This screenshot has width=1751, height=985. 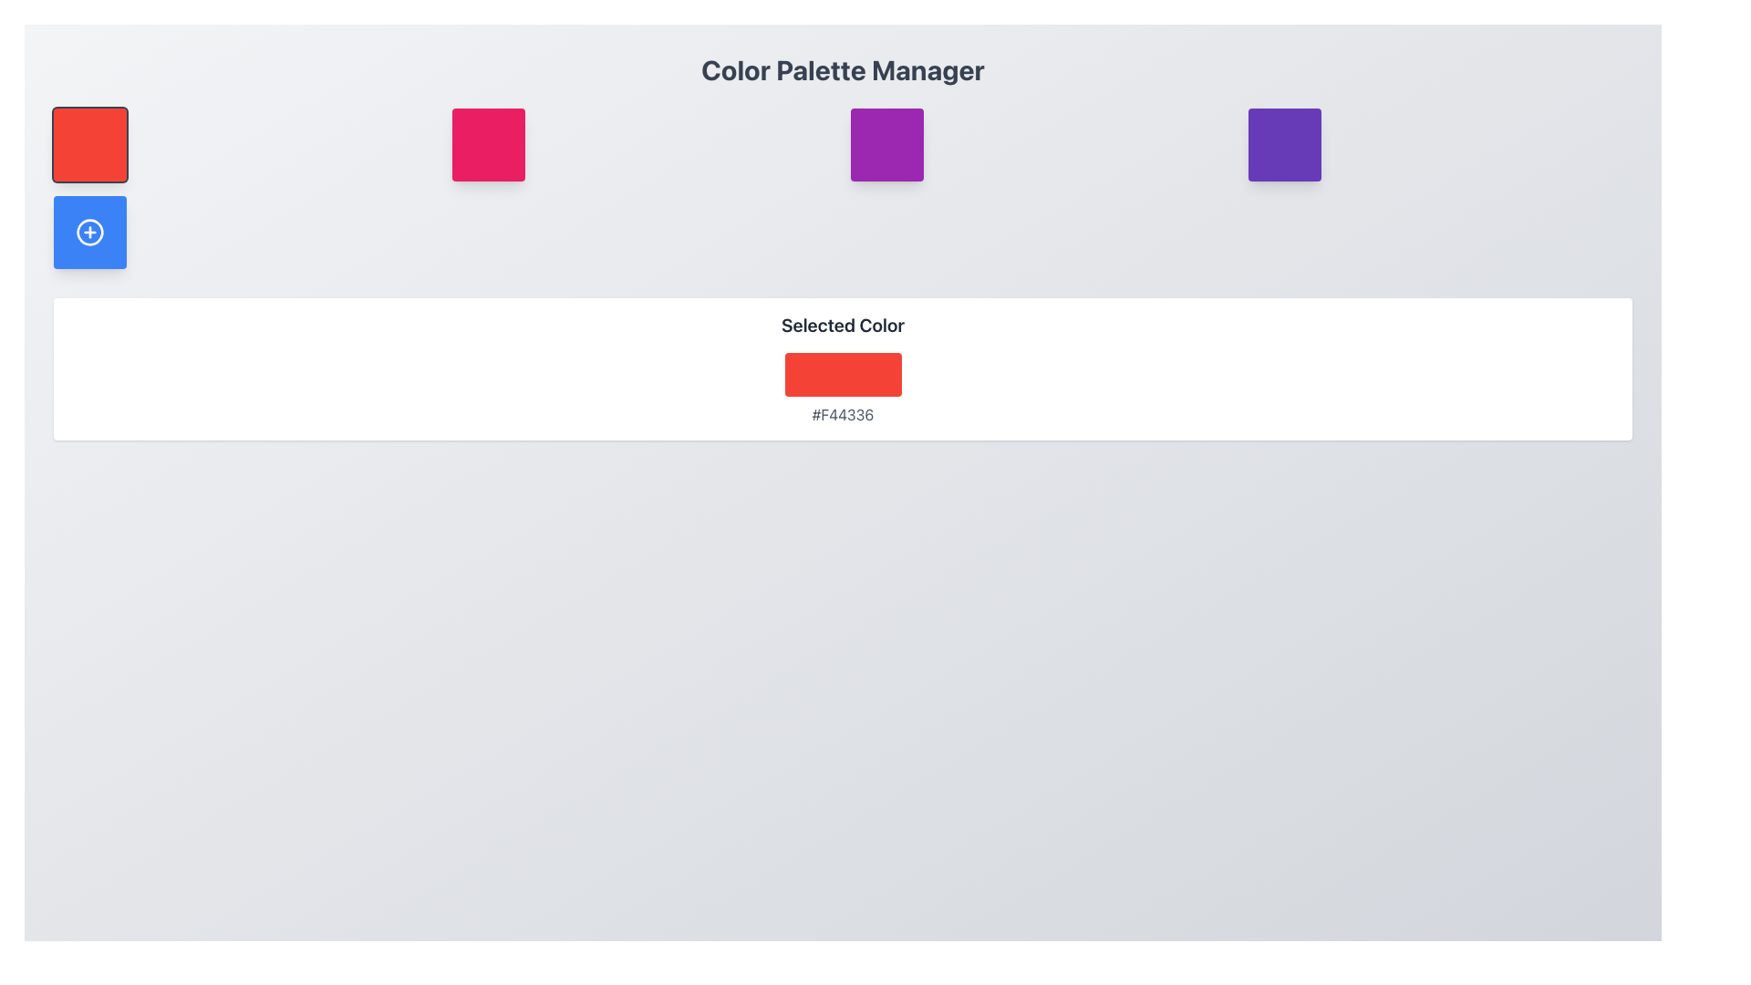 I want to click on the purple square-shaped button with rounded corners, which is the third button in a row of four elements beneath the title 'Color Palette Manager', so click(x=886, y=143).